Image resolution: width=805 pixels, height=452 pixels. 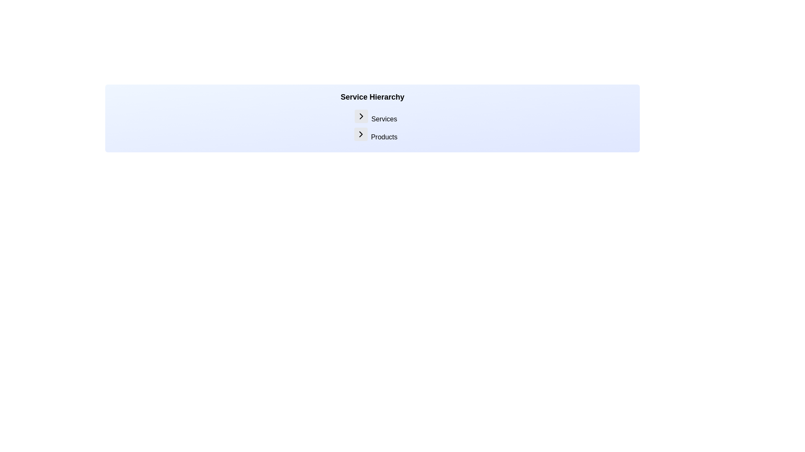 What do you see at coordinates (361, 134) in the screenshot?
I see `the right-facing Chevron icon located to the left of the 'Products' text` at bounding box center [361, 134].